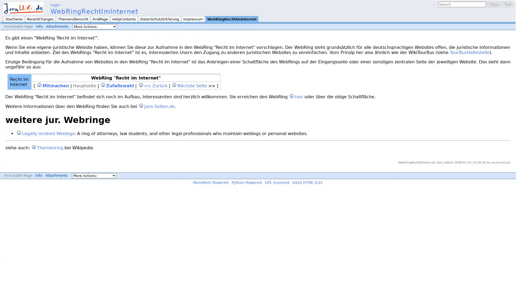 Image resolution: width=516 pixels, height=290 pixels. What do you see at coordinates (507, 4) in the screenshot?
I see `Text` at bounding box center [507, 4].